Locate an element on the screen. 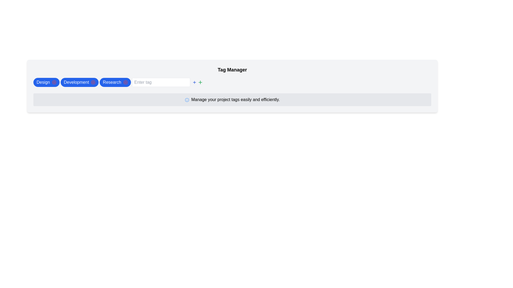 This screenshot has width=513, height=288. the 'Research' button, which is the third button in a row of buttons labeled 'Design', 'Development', and 'Research', located near the top-center of the page is located at coordinates (115, 82).